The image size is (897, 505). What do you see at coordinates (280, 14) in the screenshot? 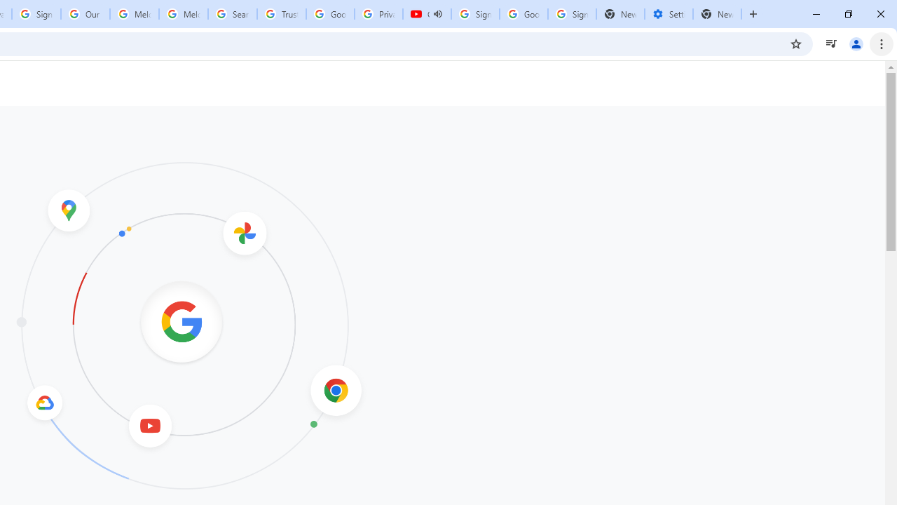
I see `'Trusted Information and Content - Google Safety Center'` at bounding box center [280, 14].